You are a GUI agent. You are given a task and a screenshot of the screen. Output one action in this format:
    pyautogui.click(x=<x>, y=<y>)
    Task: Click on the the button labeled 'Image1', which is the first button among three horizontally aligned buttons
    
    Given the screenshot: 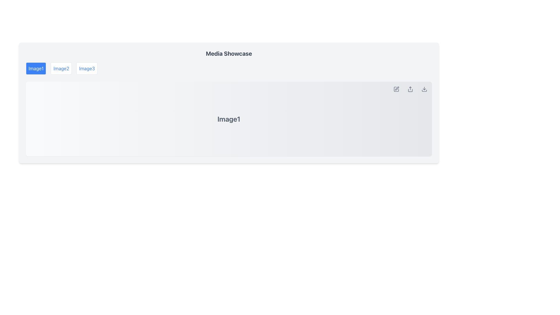 What is the action you would take?
    pyautogui.click(x=36, y=68)
    